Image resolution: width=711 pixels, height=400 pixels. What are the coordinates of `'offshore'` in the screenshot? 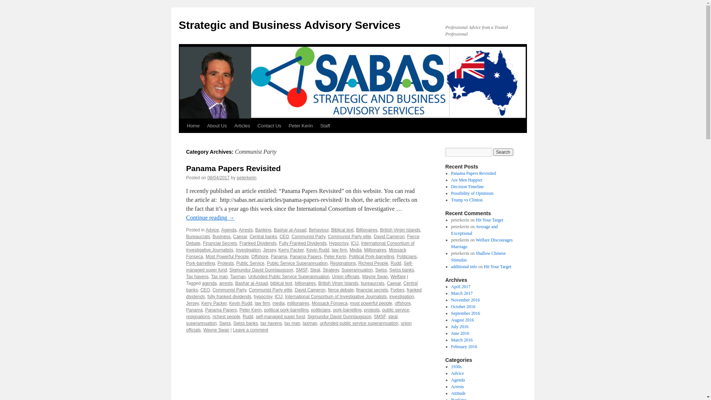 It's located at (402, 303).